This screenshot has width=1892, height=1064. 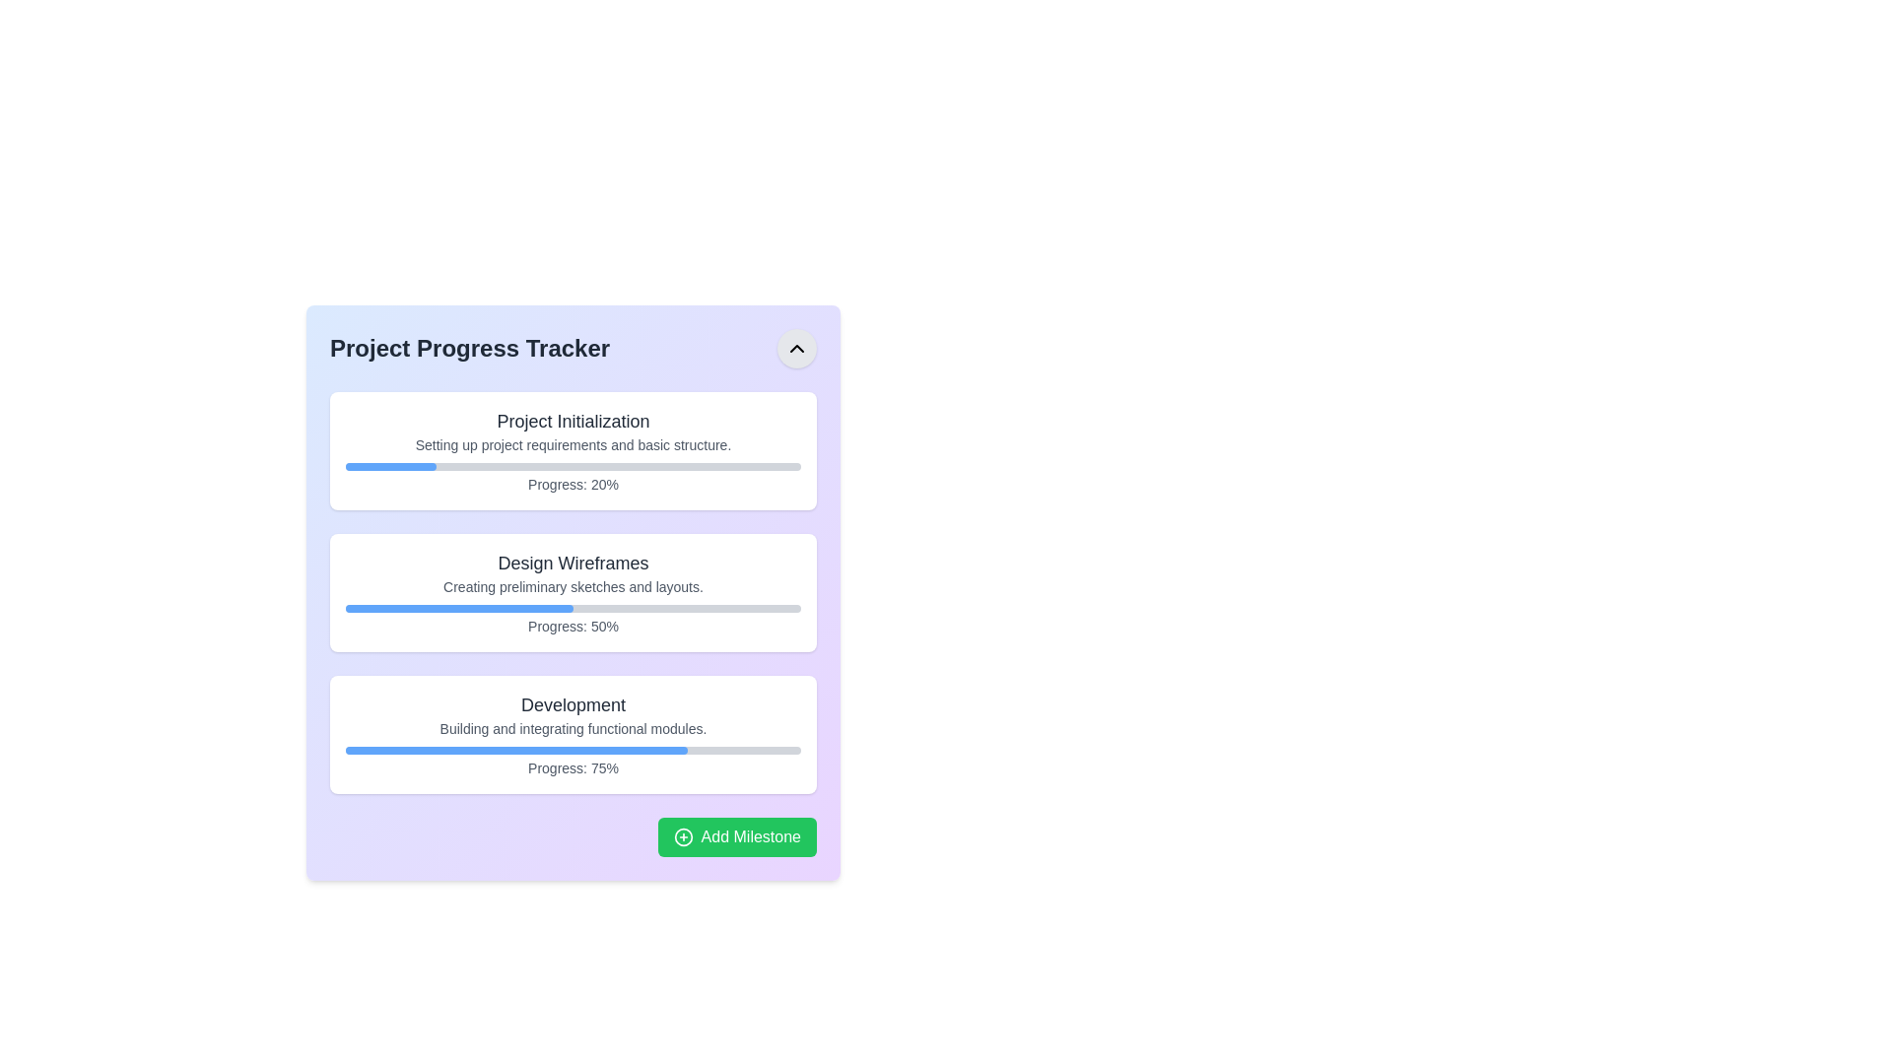 What do you see at coordinates (572, 467) in the screenshot?
I see `the progress visually by focusing on the horizontally-oriented progress bar within the white card labeled 'Project Initialization', which is visually represented with a blue foreground indicating progress` at bounding box center [572, 467].